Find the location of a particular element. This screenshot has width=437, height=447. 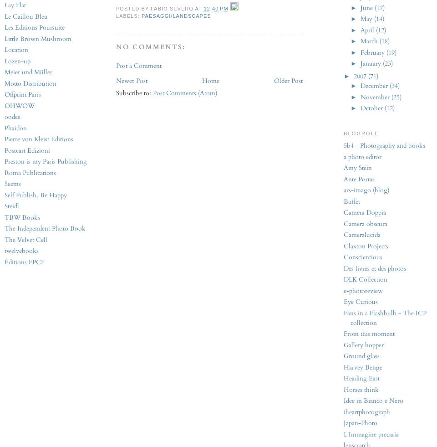

'January' is located at coordinates (371, 63).